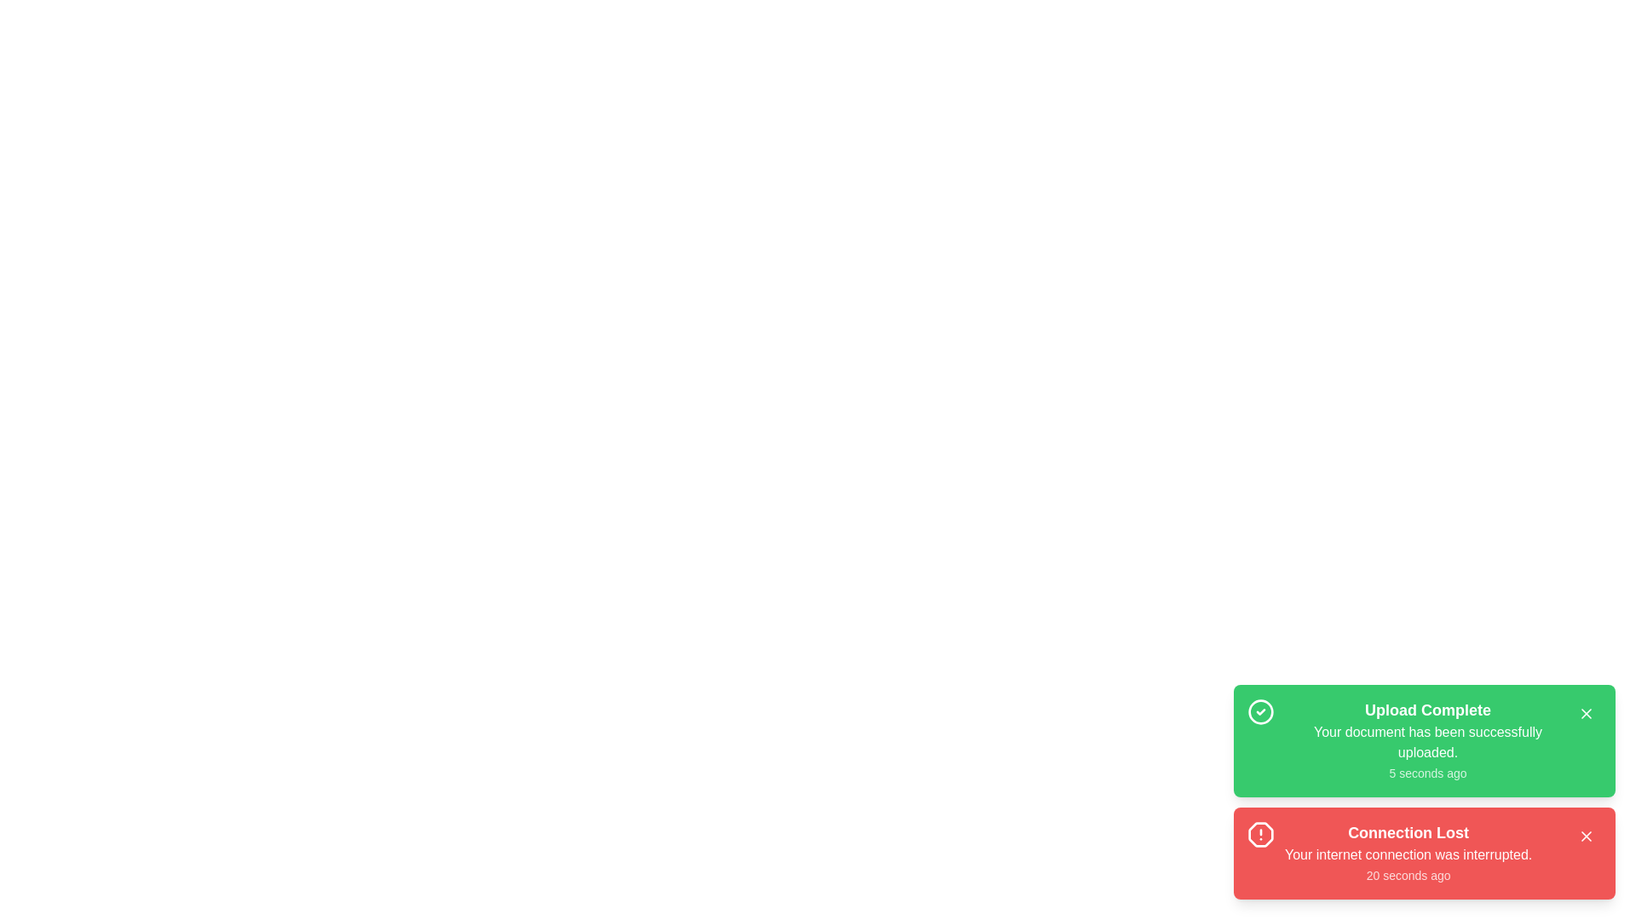 This screenshot has width=1636, height=920. I want to click on the snackbar text to select it, so click(1427, 740).